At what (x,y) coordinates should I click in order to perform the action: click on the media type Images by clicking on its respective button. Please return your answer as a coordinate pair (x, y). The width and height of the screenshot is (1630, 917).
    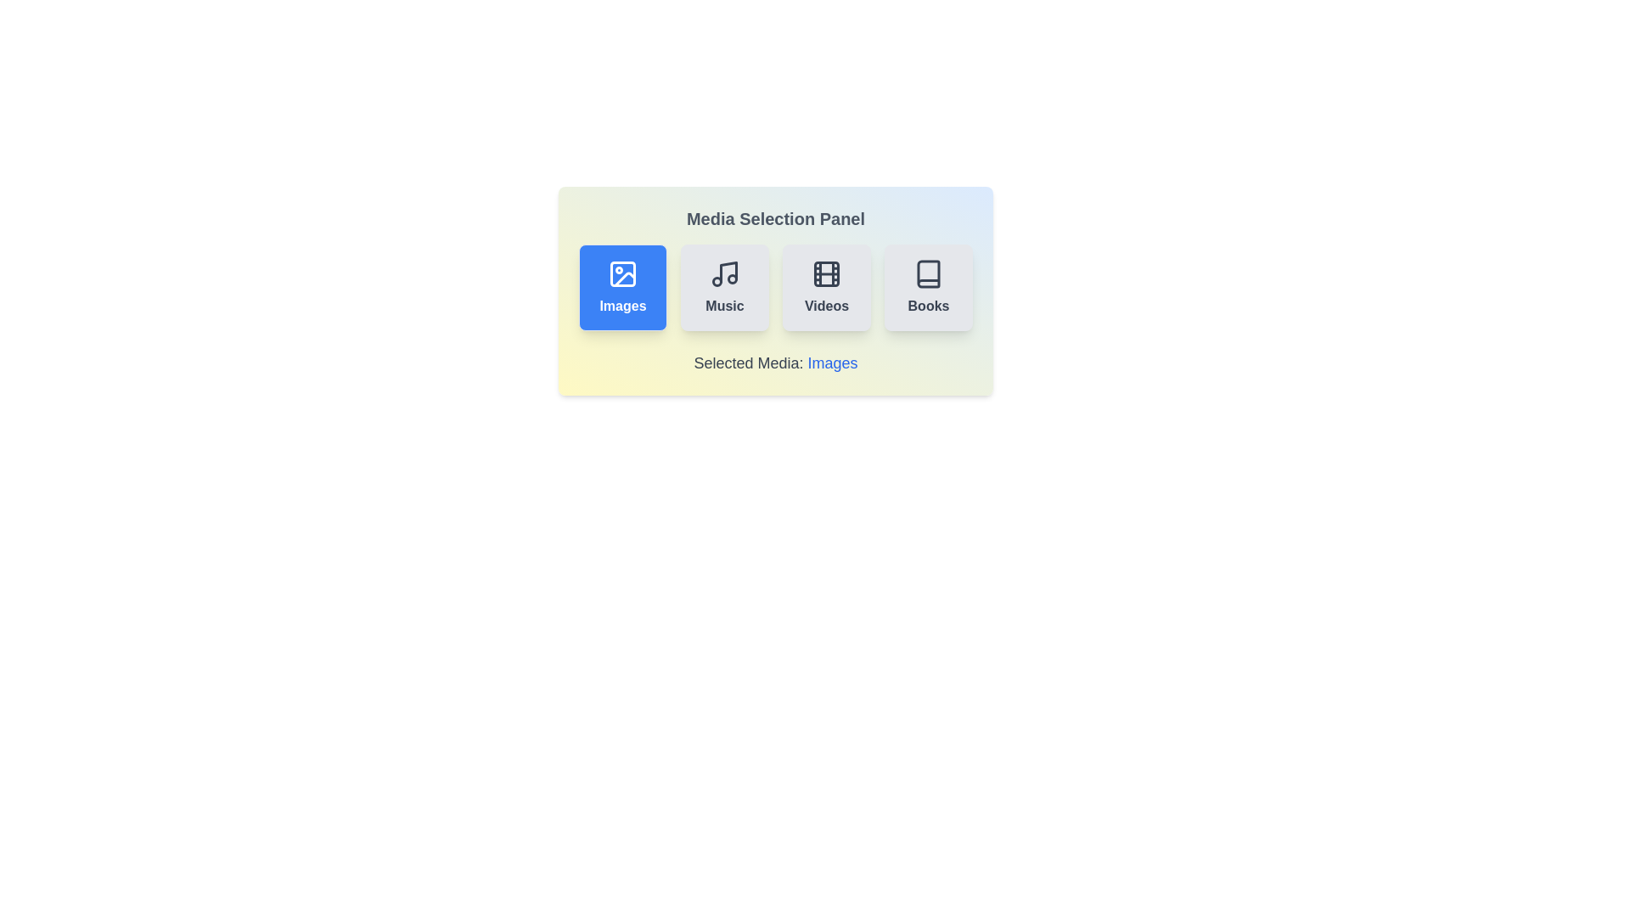
    Looking at the image, I should click on (622, 287).